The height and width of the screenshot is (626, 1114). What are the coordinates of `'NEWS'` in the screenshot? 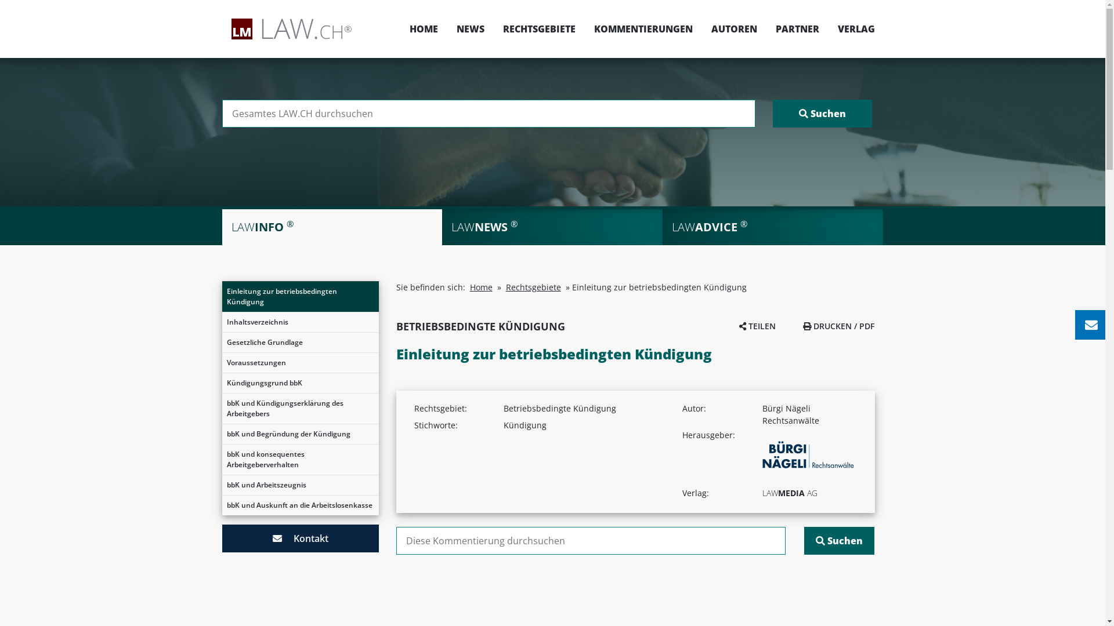 It's located at (470, 28).